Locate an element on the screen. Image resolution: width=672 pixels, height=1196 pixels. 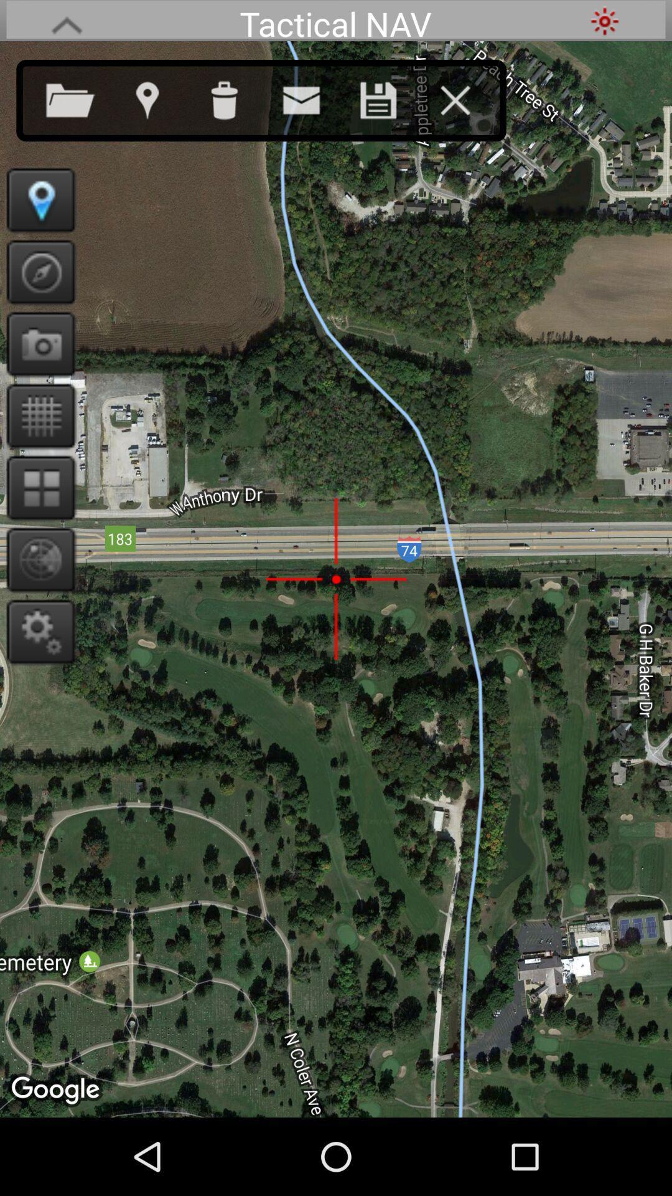
send in e-mail is located at coordinates (313, 97).